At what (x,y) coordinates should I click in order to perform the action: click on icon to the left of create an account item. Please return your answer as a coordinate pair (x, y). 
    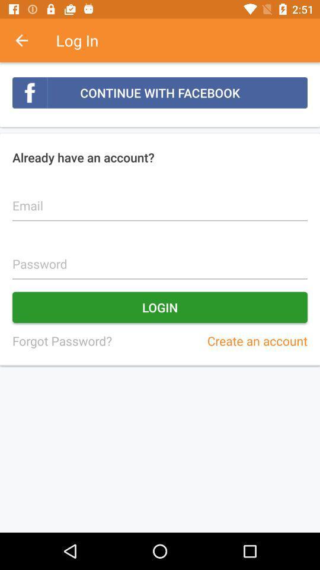
    Looking at the image, I should click on (62, 341).